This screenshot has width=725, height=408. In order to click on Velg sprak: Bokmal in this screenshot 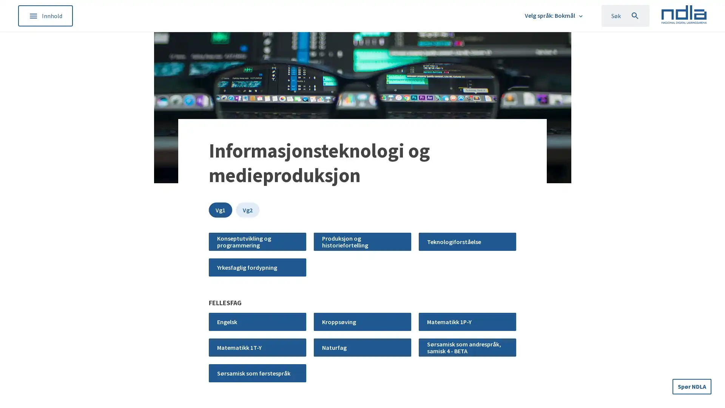, I will do `click(554, 15)`.